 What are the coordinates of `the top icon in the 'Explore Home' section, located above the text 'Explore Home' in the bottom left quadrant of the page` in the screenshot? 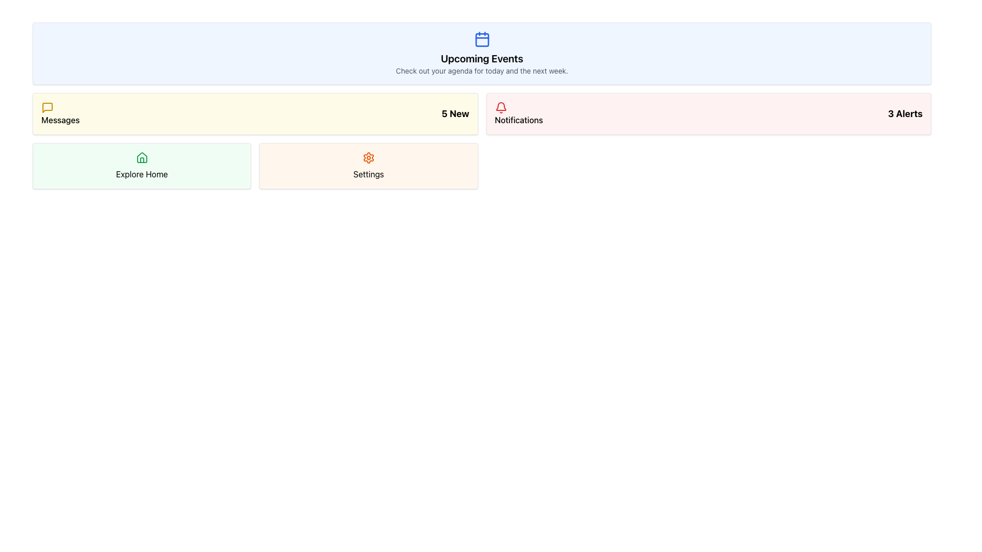 It's located at (141, 157).